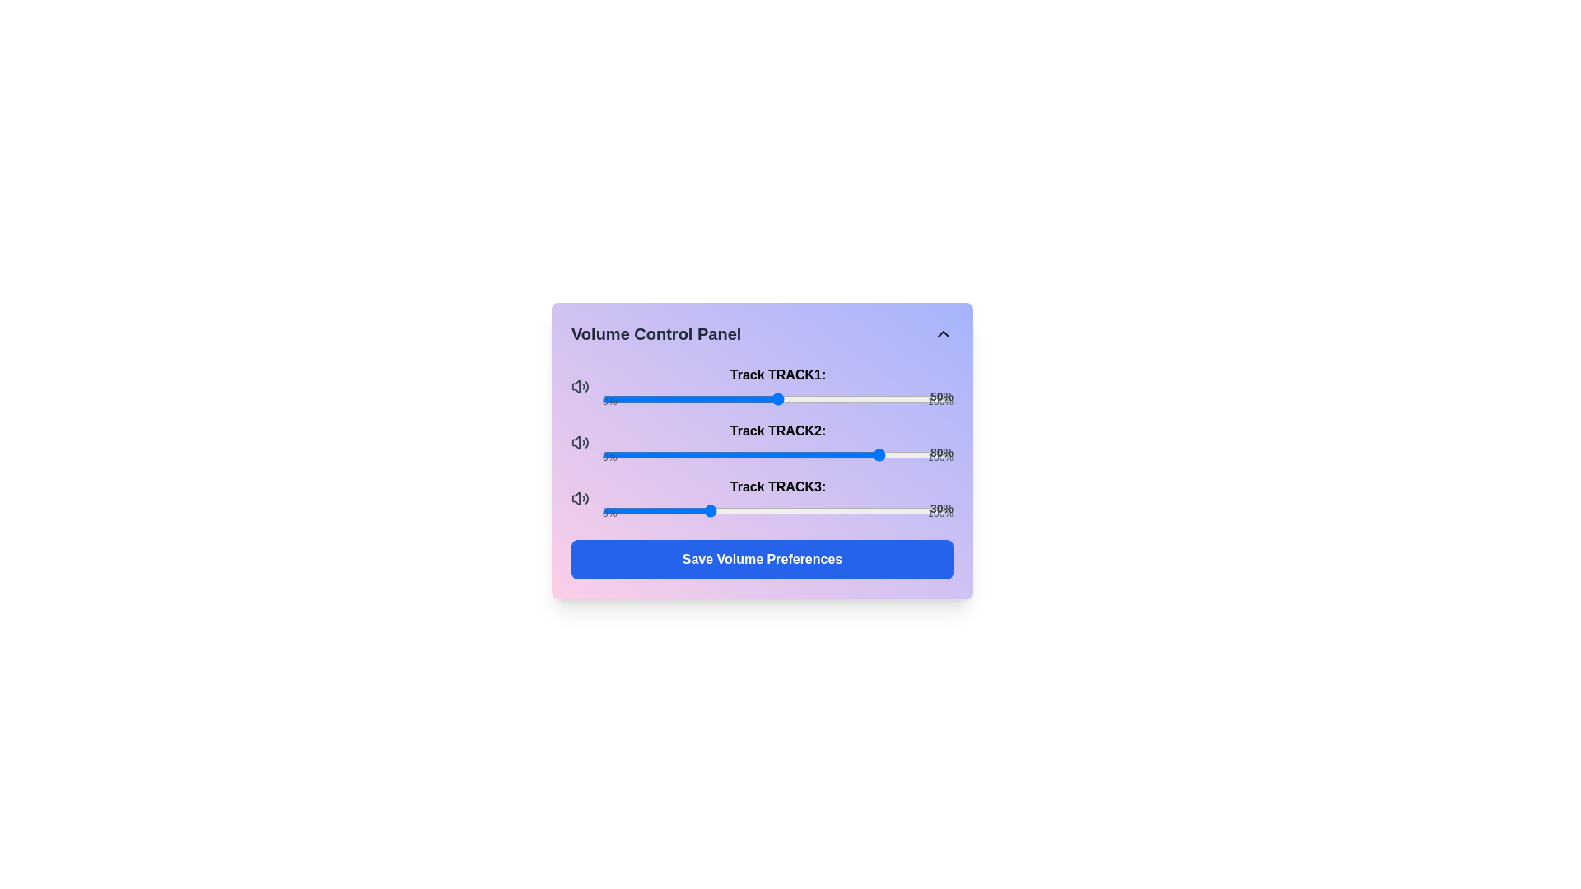 This screenshot has height=889, width=1581. I want to click on the horizontal slider element styled as a thin gray bar with a blue handle, located in the top-left section of the interface, titled 'Track TRACK1:', so click(777, 399).